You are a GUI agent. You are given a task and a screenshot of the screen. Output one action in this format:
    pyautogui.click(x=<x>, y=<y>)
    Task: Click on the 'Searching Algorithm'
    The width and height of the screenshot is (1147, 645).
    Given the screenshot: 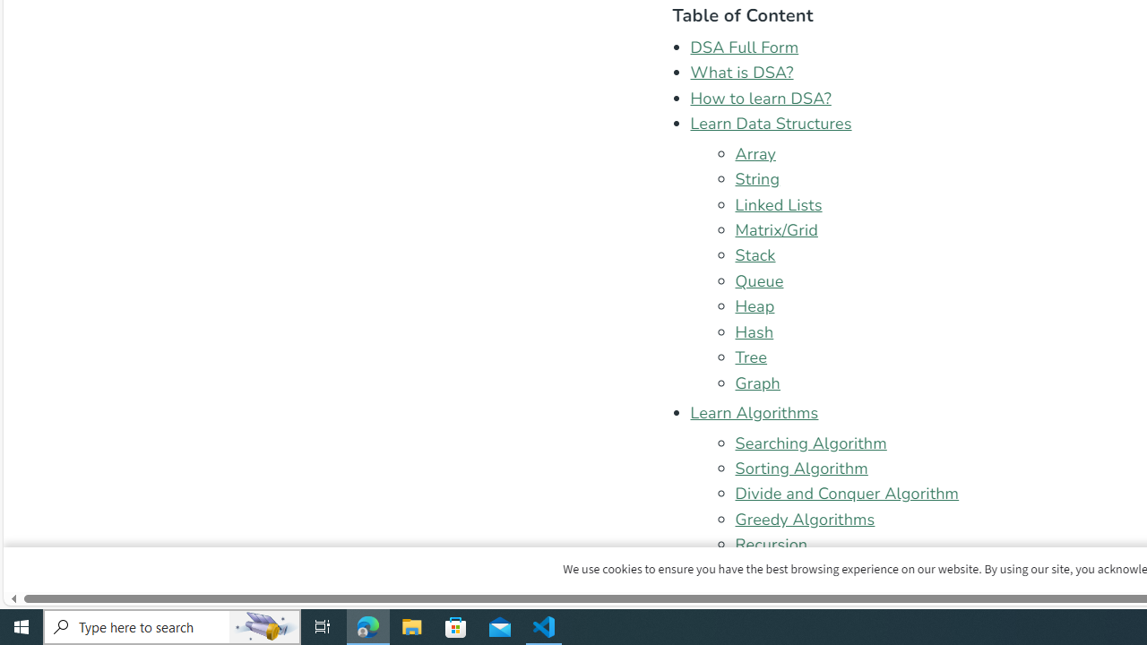 What is the action you would take?
    pyautogui.click(x=809, y=443)
    